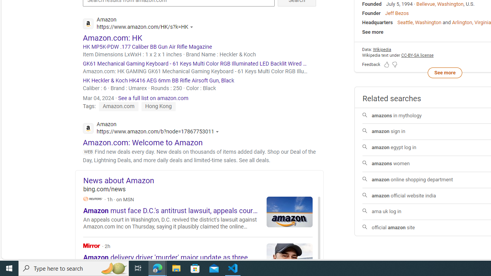  What do you see at coordinates (199, 47) in the screenshot?
I see `'HK MP5K-PDW .177 Caliber BB Gun Air Rifle Magazine'` at bounding box center [199, 47].